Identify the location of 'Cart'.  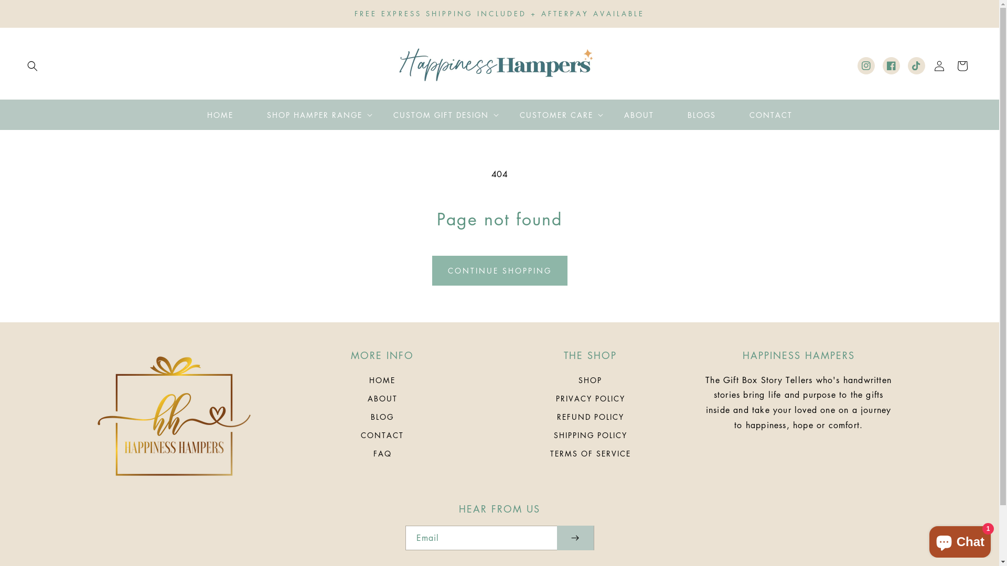
(951, 66).